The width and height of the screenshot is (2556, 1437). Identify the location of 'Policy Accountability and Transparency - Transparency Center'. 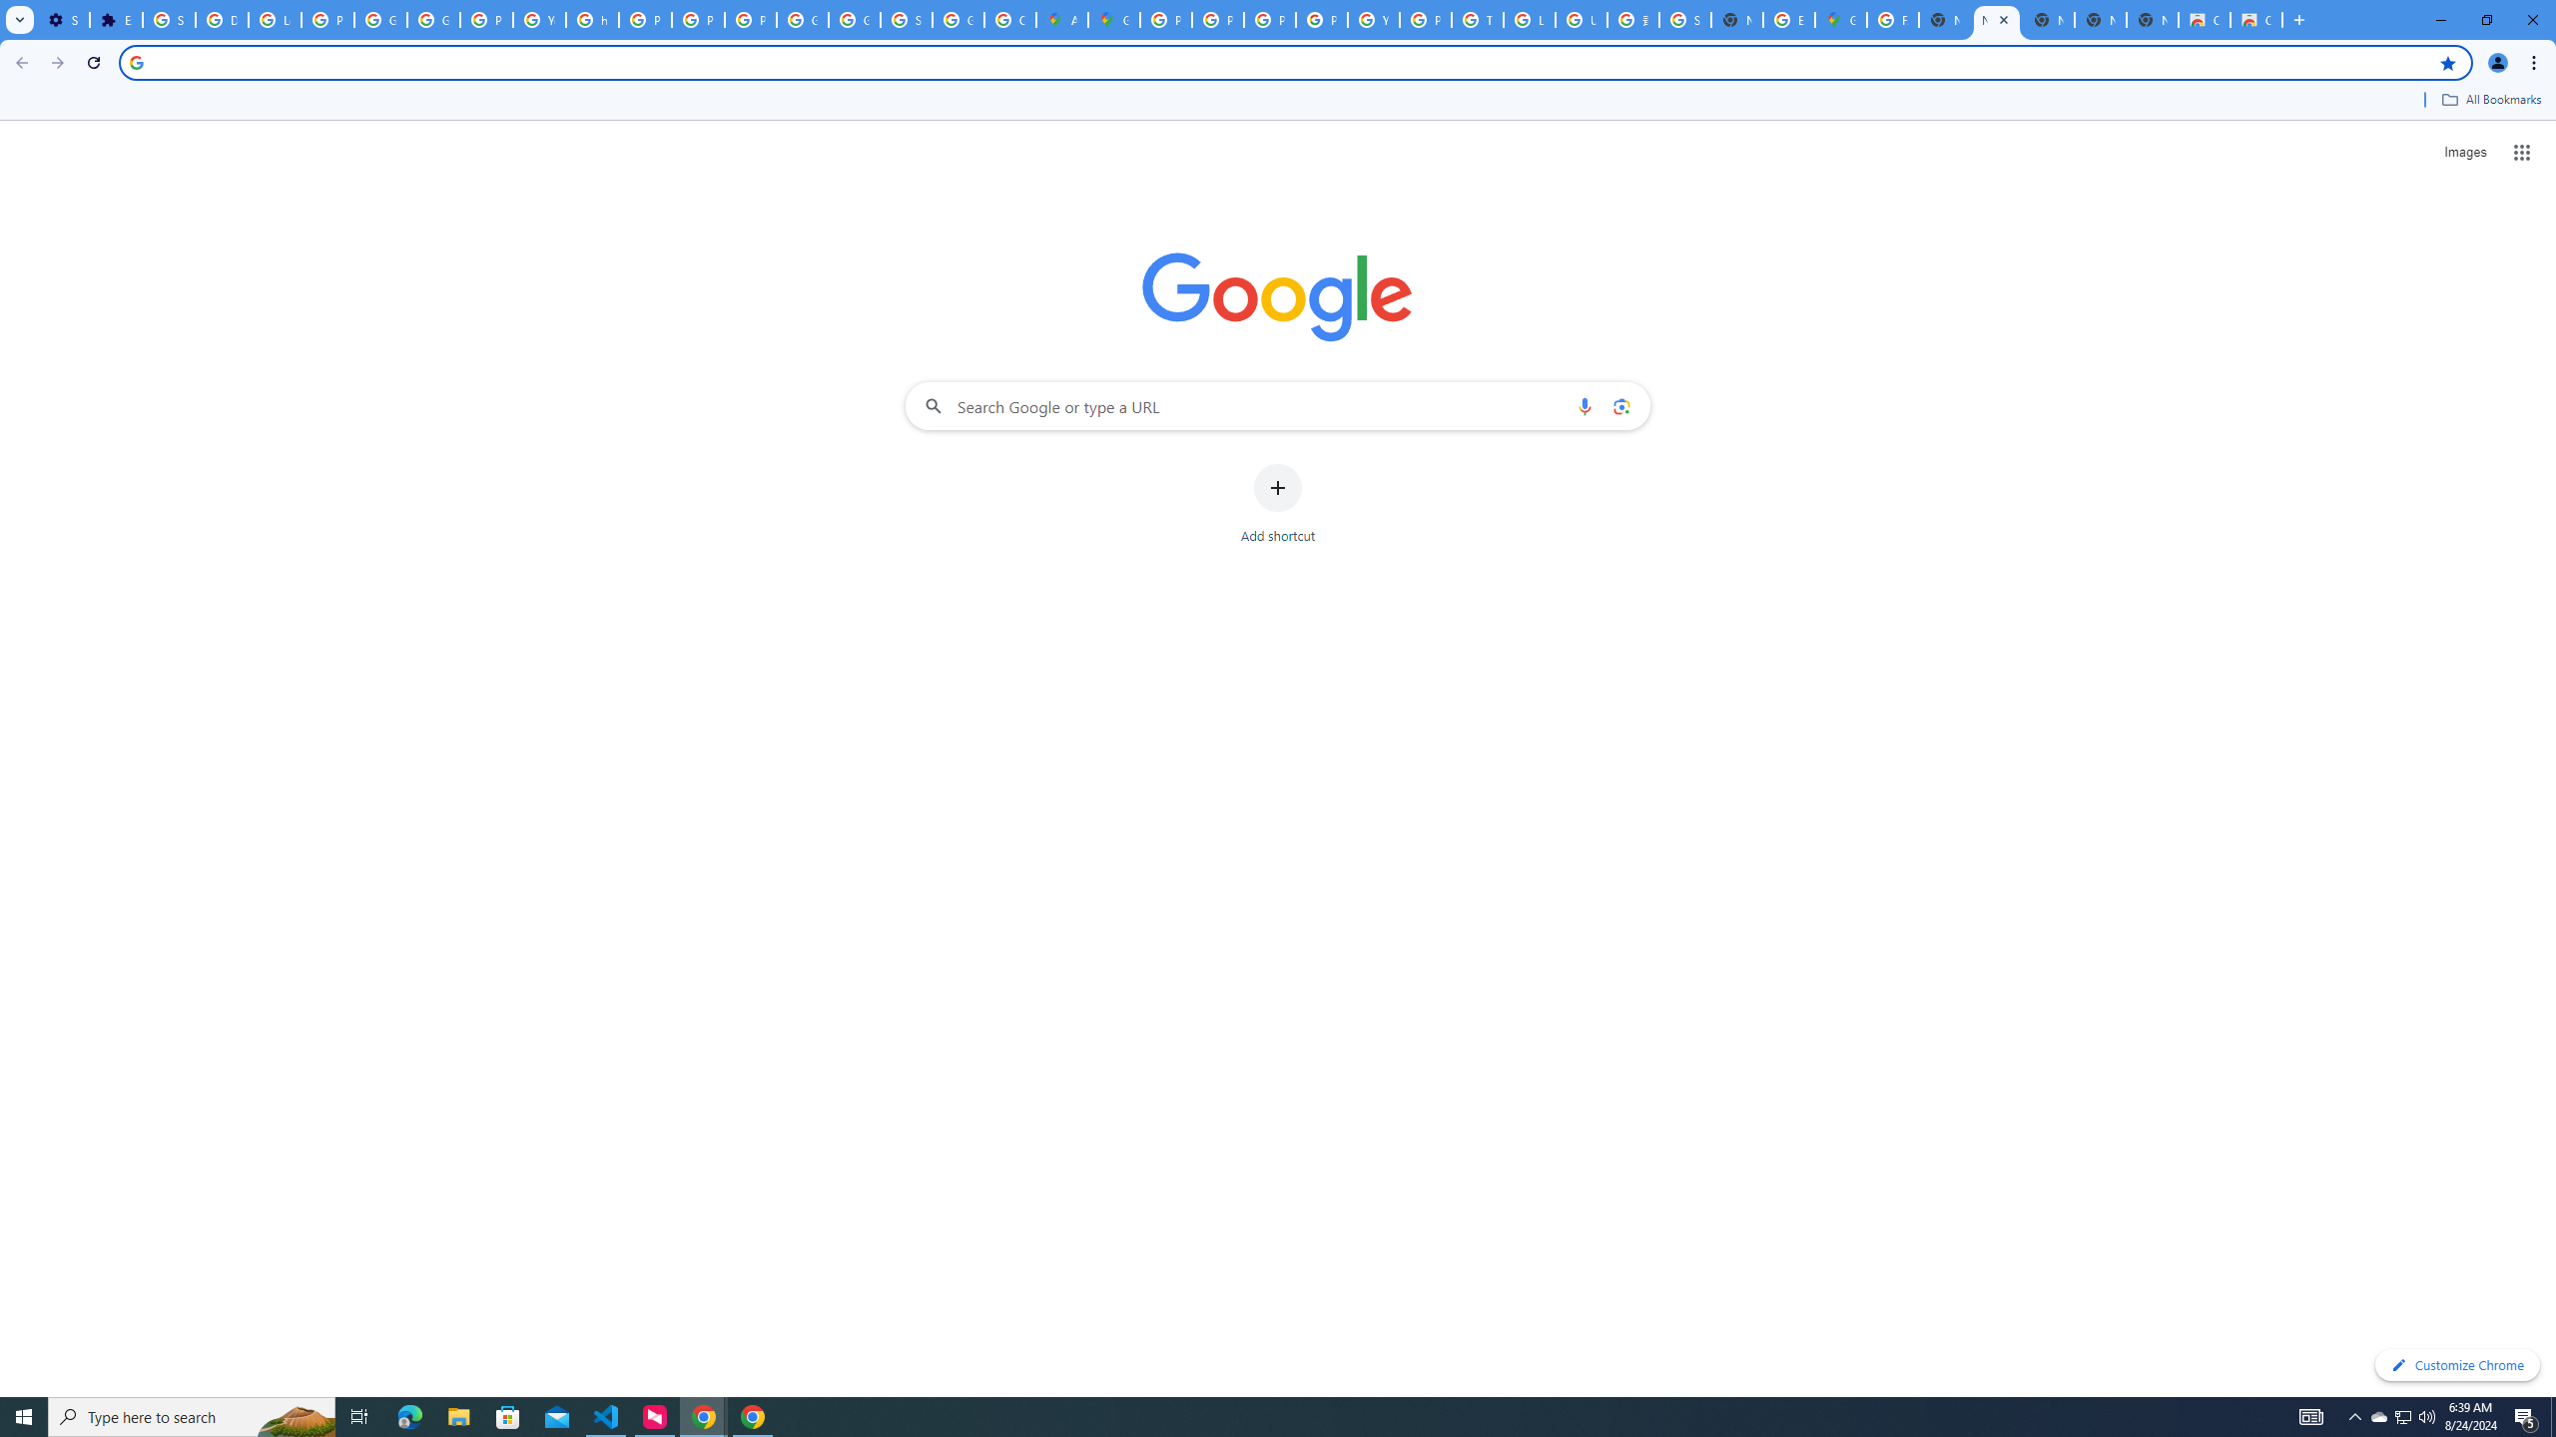
(1165, 19).